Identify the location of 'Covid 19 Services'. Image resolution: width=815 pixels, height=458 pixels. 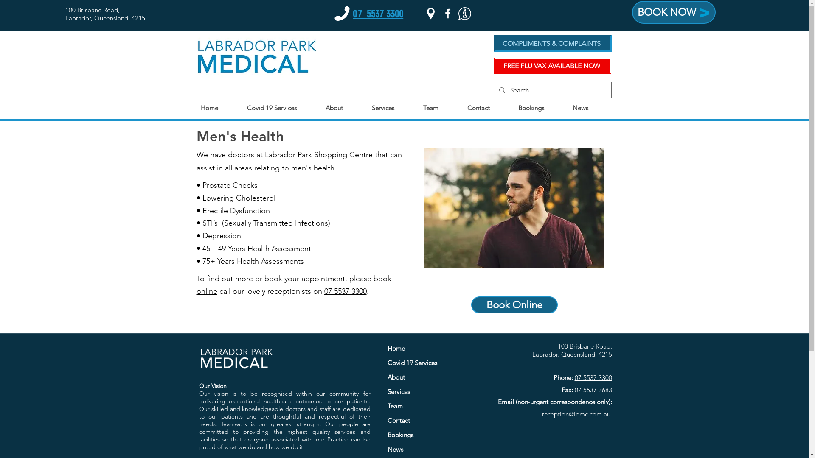
(242, 107).